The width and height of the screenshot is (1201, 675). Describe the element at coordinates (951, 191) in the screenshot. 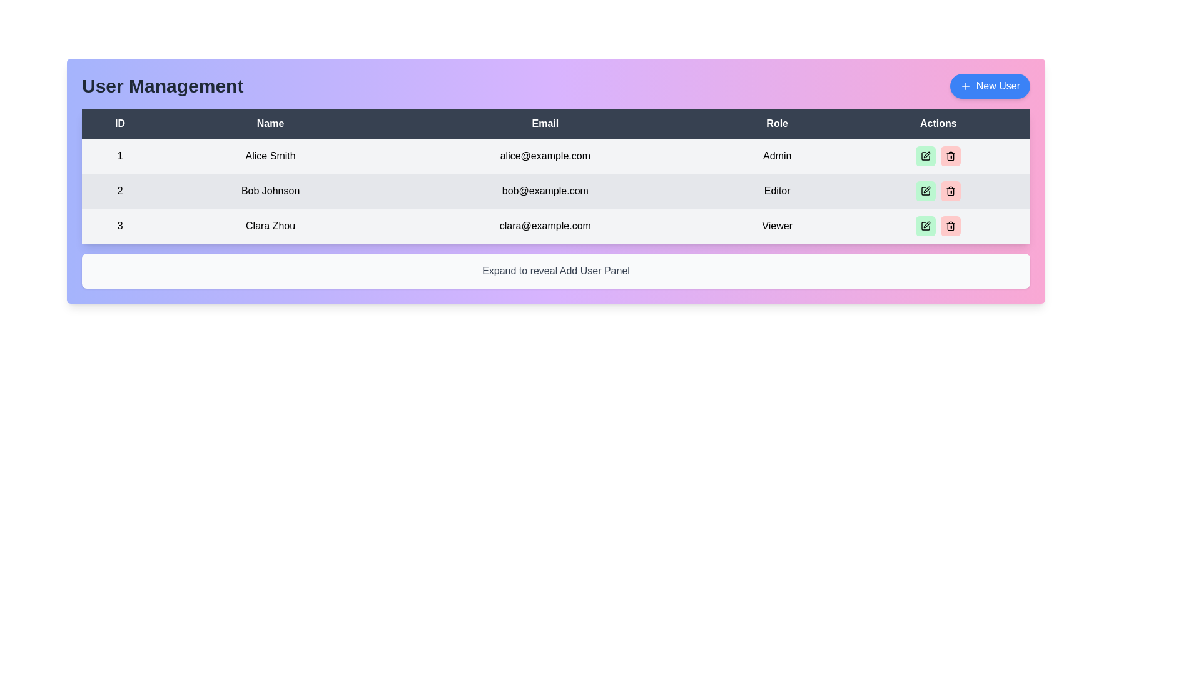

I see `the delete button in the 'Actions' column of the user table for the user Bob Johnson to initiate the delete action` at that location.